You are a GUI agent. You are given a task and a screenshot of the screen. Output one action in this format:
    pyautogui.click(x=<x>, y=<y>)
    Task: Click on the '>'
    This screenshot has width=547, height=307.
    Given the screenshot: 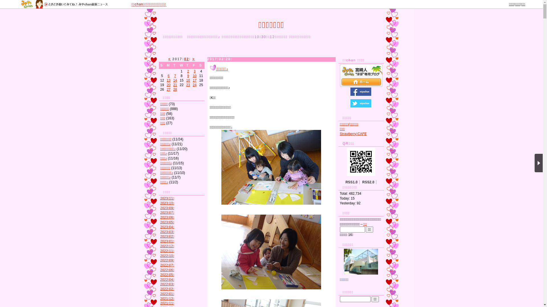 What is the action you would take?
    pyautogui.click(x=193, y=59)
    